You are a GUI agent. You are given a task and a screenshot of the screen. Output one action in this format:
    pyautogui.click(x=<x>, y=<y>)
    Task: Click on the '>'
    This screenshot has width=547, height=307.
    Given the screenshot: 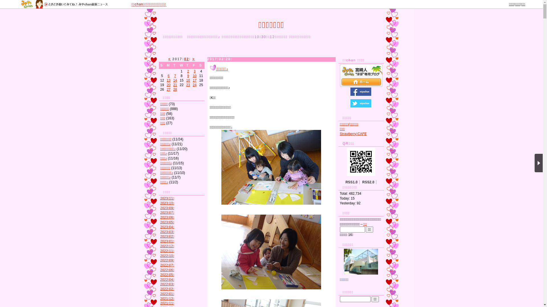 What is the action you would take?
    pyautogui.click(x=193, y=59)
    